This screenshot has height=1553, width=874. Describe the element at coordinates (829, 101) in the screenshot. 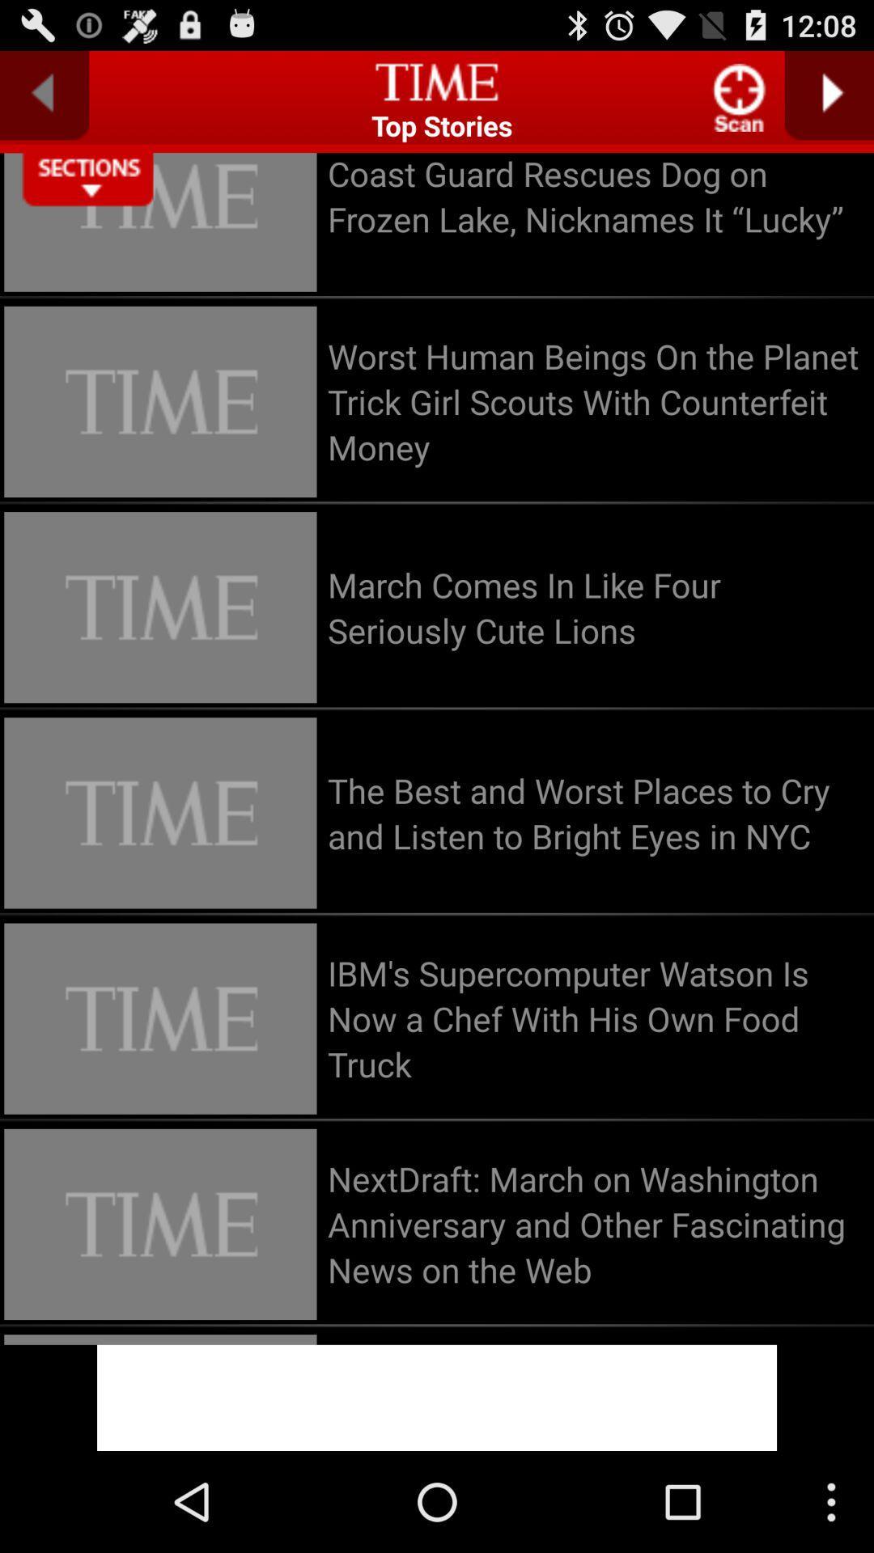

I see `the play icon` at that location.